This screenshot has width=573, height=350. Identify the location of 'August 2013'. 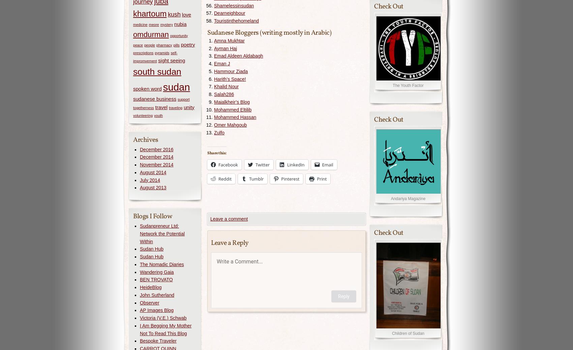
(153, 188).